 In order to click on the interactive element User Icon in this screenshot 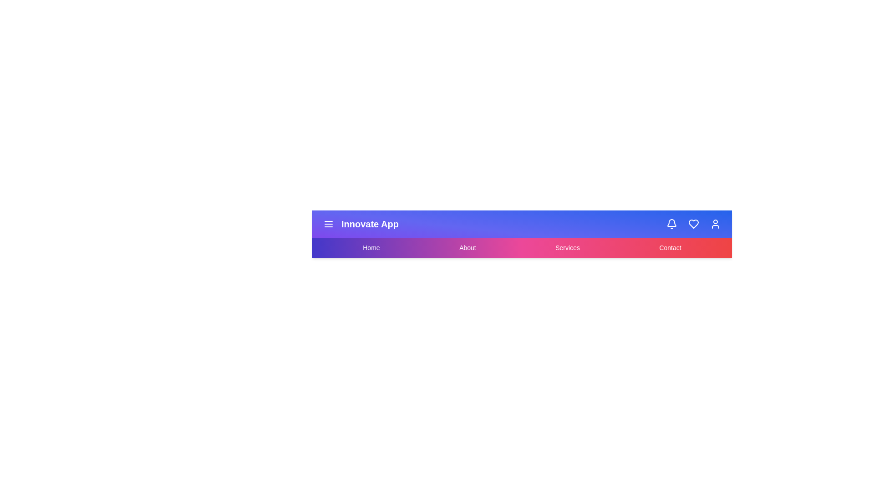, I will do `click(715, 224)`.